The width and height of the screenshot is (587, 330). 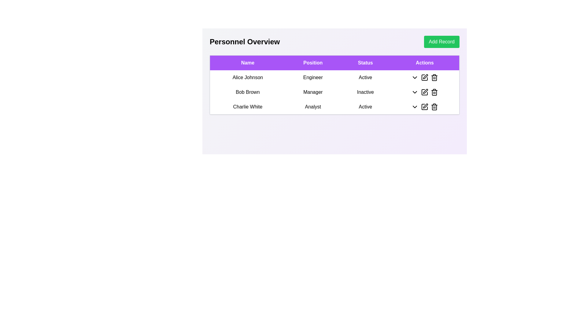 What do you see at coordinates (313, 63) in the screenshot?
I see `the 'Position' header label in the data table, which is located second from the left in the header row, between 'Name' and 'Status'` at bounding box center [313, 63].